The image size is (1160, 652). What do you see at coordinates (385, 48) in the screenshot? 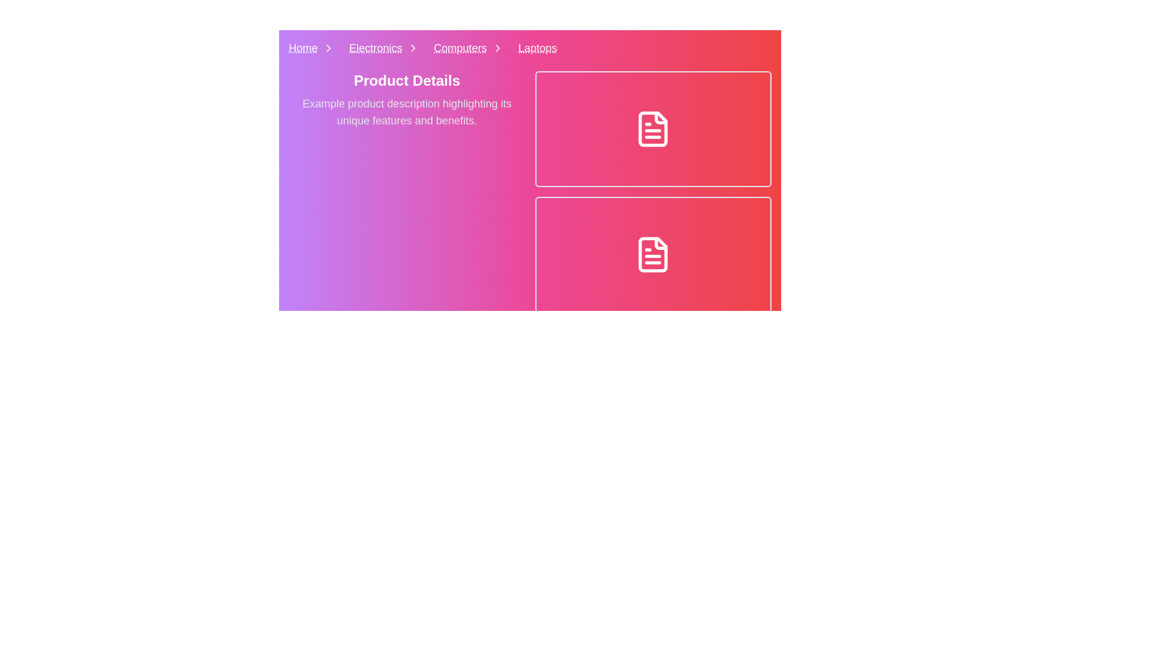
I see `the breadcrumb link labeled 'Electronics' to trigger a visual effect such as an opacity change` at bounding box center [385, 48].